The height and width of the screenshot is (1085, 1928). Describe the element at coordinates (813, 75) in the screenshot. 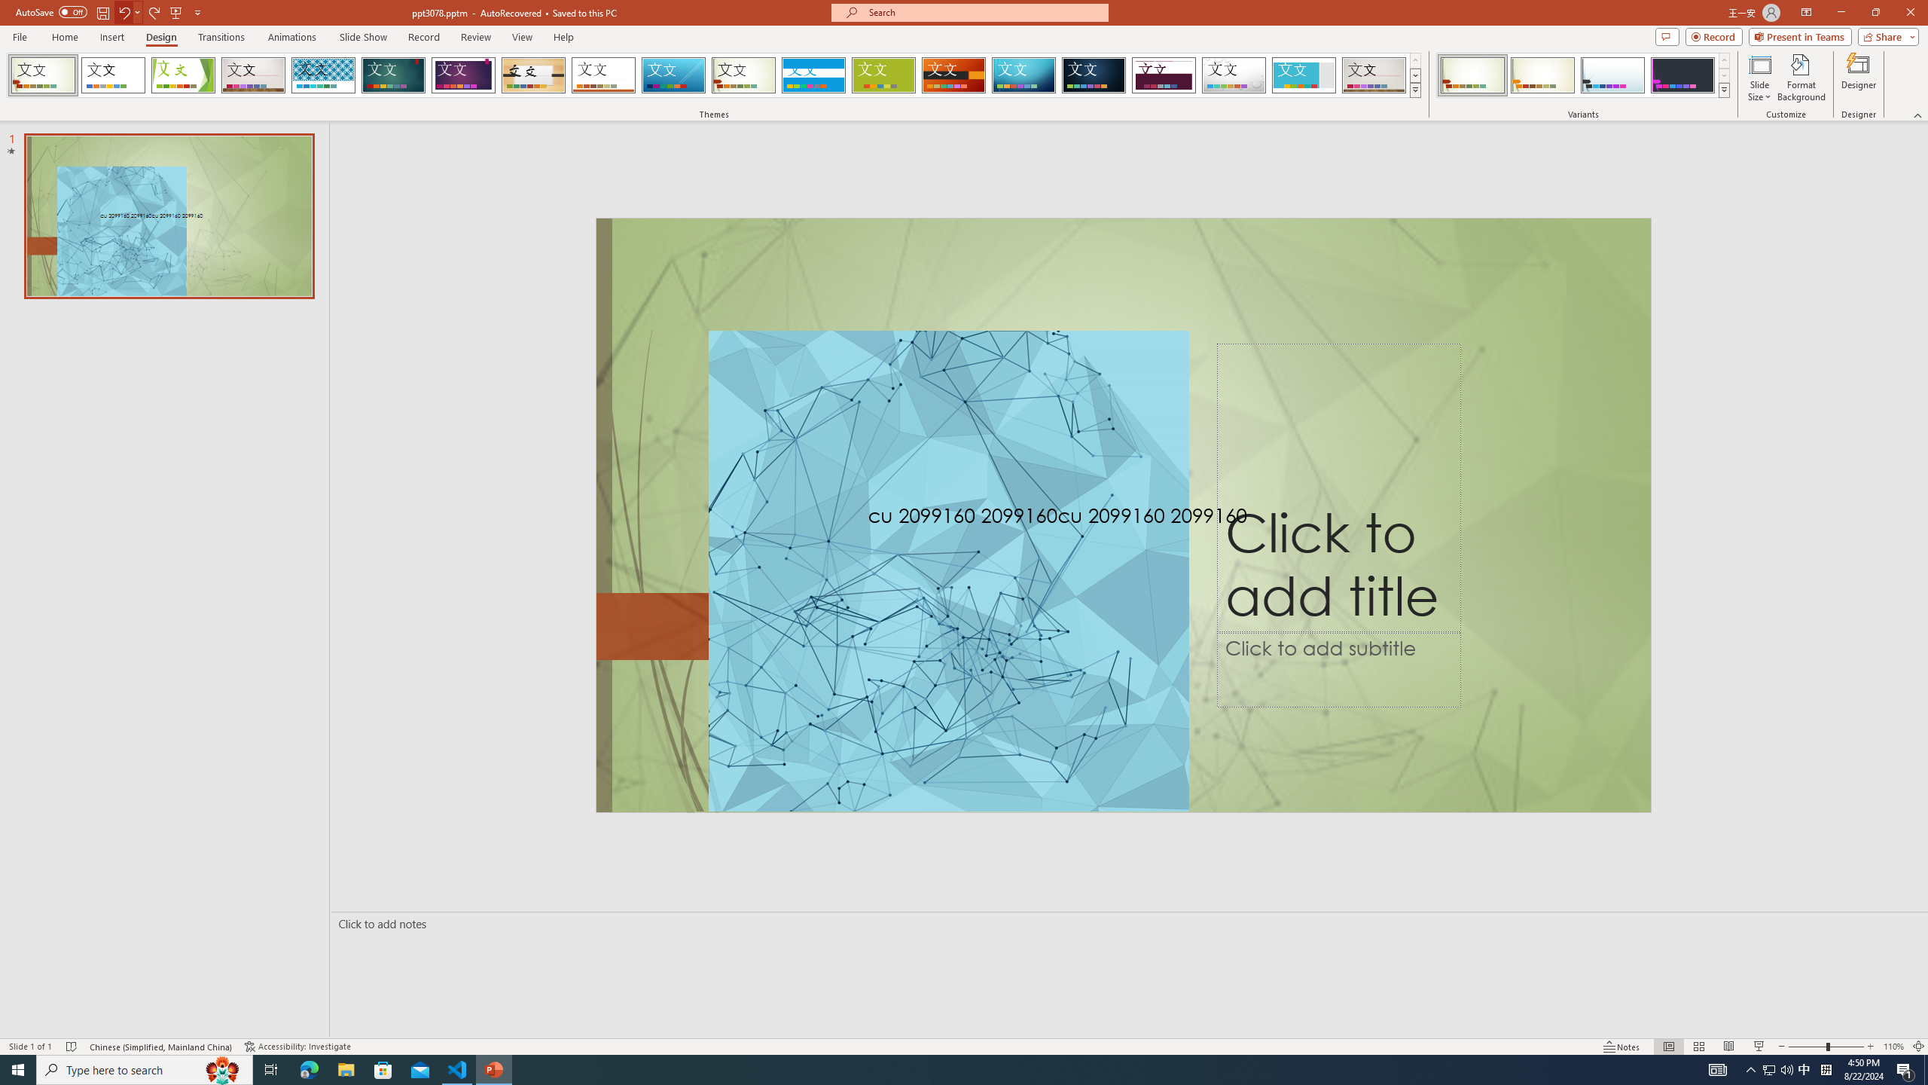

I see `'Banded'` at that location.